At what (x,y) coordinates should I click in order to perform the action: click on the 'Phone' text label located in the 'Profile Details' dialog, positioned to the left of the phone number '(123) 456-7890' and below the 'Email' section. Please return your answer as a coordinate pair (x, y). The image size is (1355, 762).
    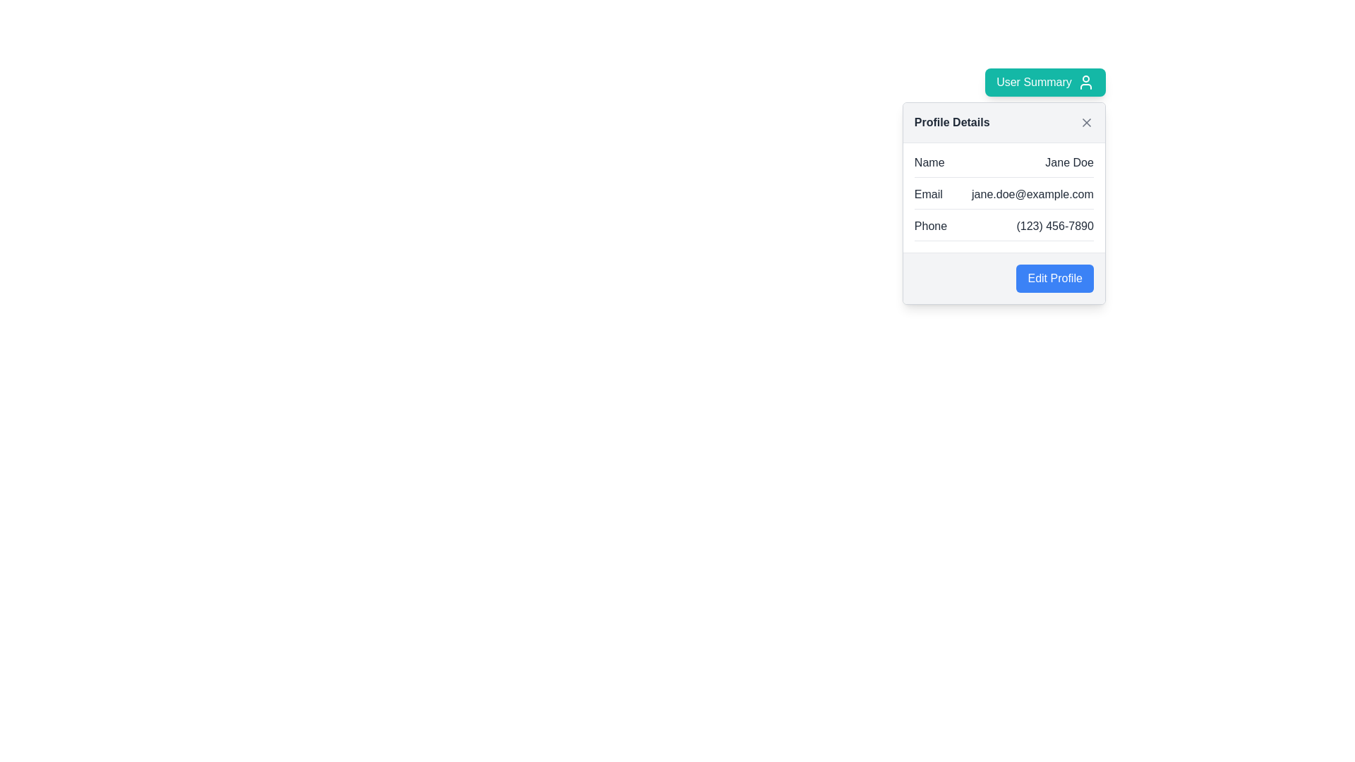
    Looking at the image, I should click on (931, 225).